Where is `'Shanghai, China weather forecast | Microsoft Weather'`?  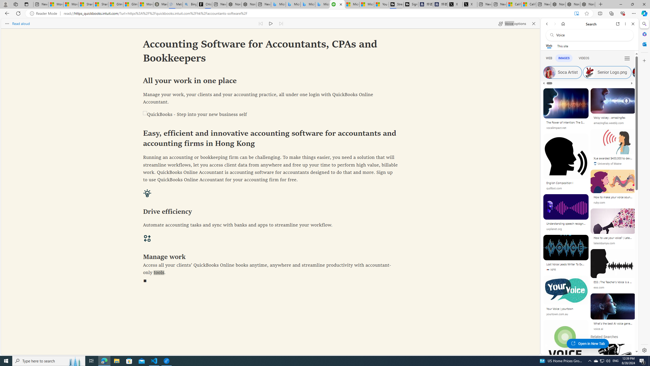
'Shanghai, China weather forecast | Microsoft Weather' is located at coordinates (100, 4).